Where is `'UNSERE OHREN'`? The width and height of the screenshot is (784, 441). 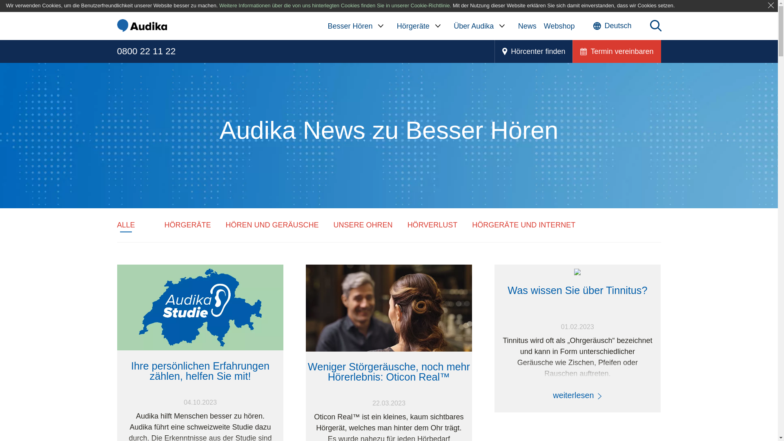
'UNSERE OHREN' is located at coordinates (363, 225).